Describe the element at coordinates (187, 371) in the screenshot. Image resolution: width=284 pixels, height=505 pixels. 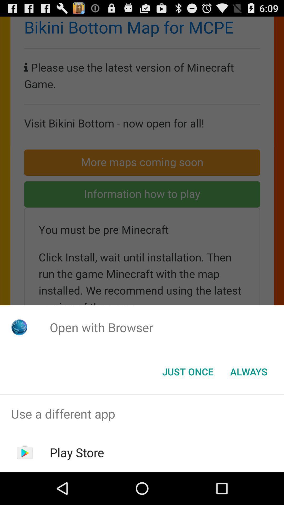
I see `item below open with browser icon` at that location.